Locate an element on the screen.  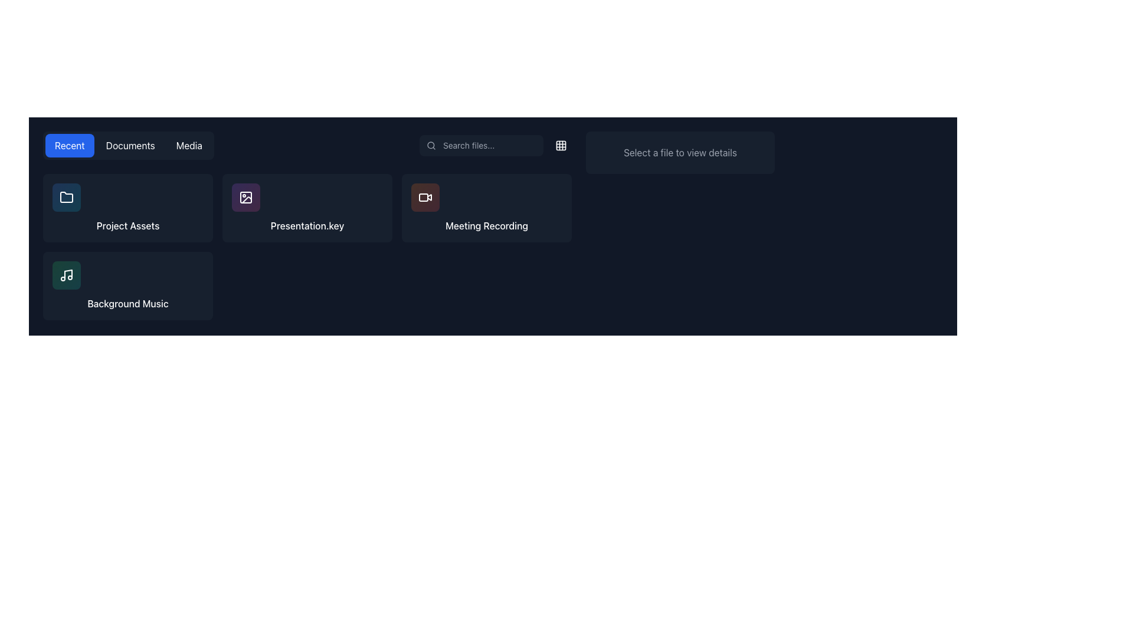
the button with a grid icon located at the top-right end of the layout is located at coordinates (560, 145).